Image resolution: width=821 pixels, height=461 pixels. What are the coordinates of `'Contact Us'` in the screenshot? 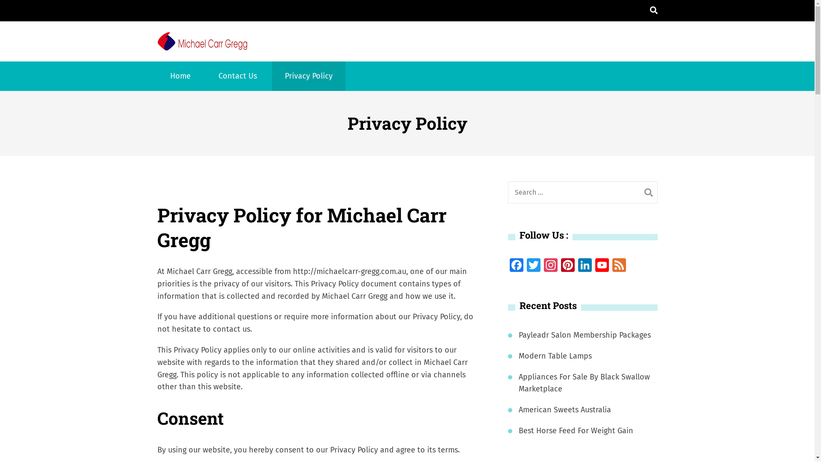 It's located at (237, 76).